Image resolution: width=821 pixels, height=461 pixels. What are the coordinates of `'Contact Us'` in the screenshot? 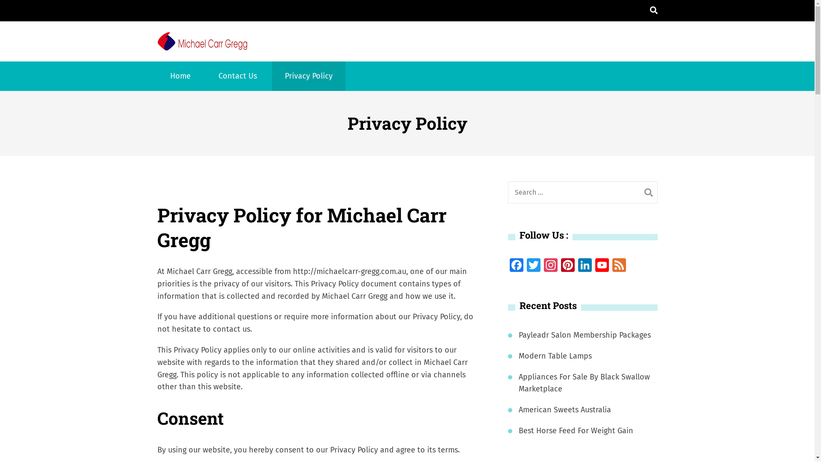 It's located at (237, 76).